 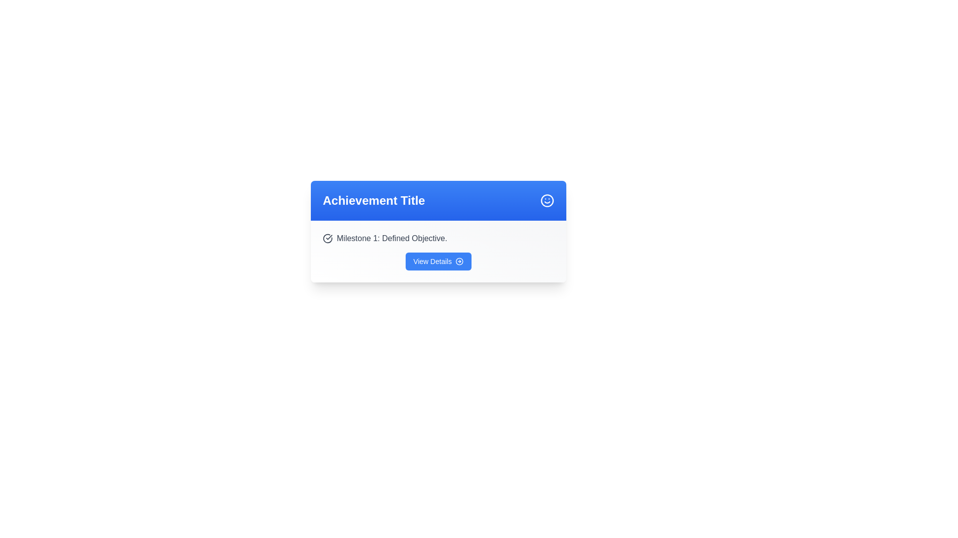 What do you see at coordinates (547, 200) in the screenshot?
I see `the outer circle of the smiley face icon located in the top-right corner of the blue header section containing the title 'Achievement Title'` at bounding box center [547, 200].